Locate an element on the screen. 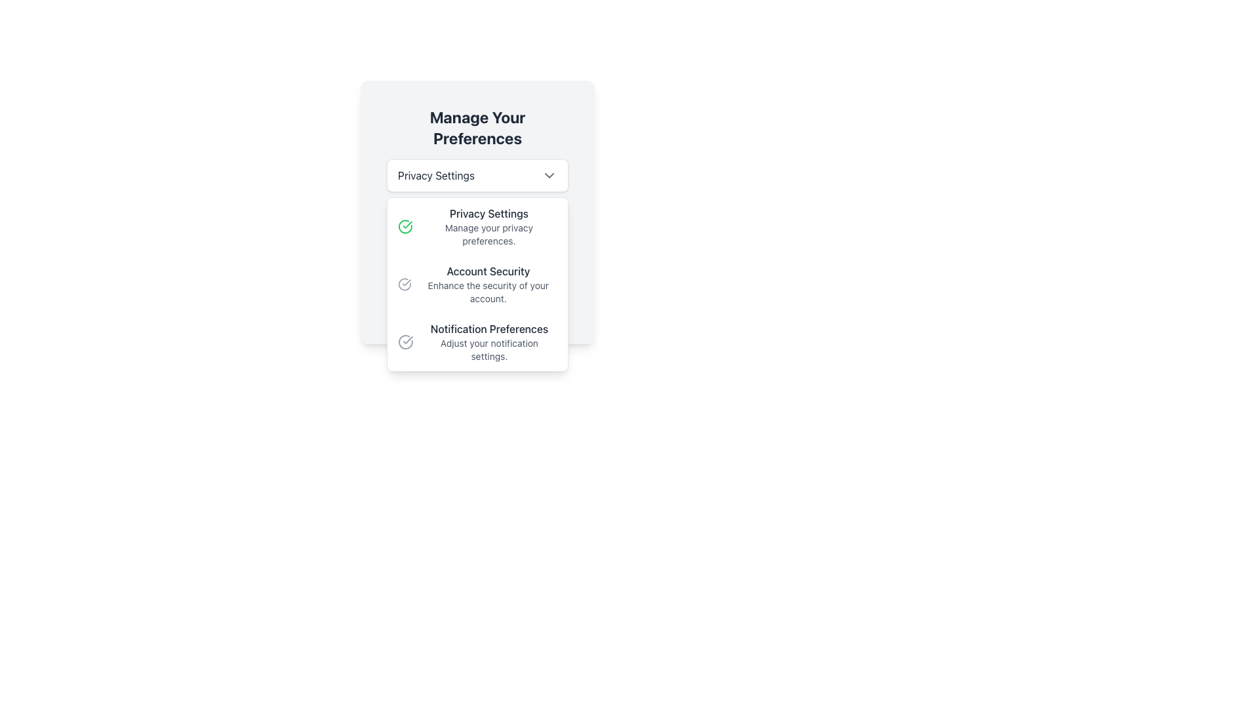 Image resolution: width=1259 pixels, height=708 pixels. the Info Box with a light green background and a left-aligned green border, which contains the text 'Current Selection:' and 'Manage your privacy preferences.' is located at coordinates (477, 242).